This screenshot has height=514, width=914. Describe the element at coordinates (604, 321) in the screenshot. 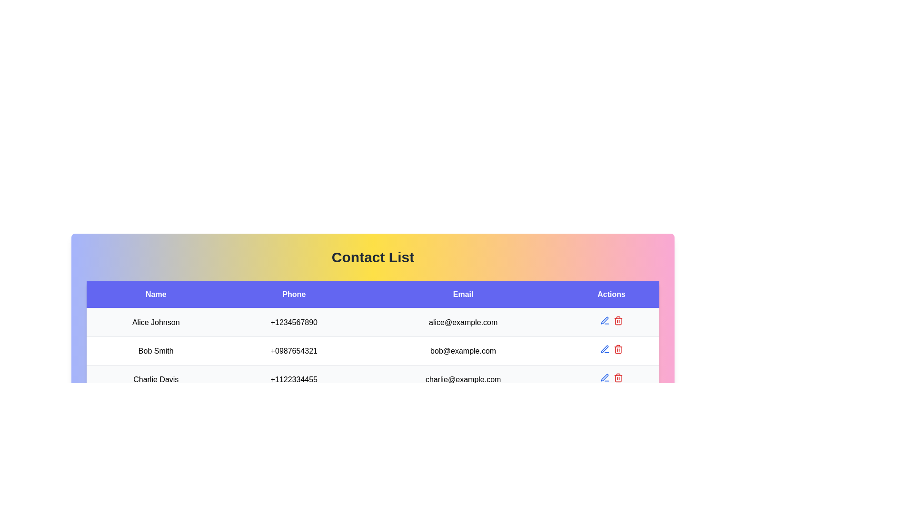

I see `the blue pen-like icon button in the 'Actions' column of the first row of the contact list` at that location.